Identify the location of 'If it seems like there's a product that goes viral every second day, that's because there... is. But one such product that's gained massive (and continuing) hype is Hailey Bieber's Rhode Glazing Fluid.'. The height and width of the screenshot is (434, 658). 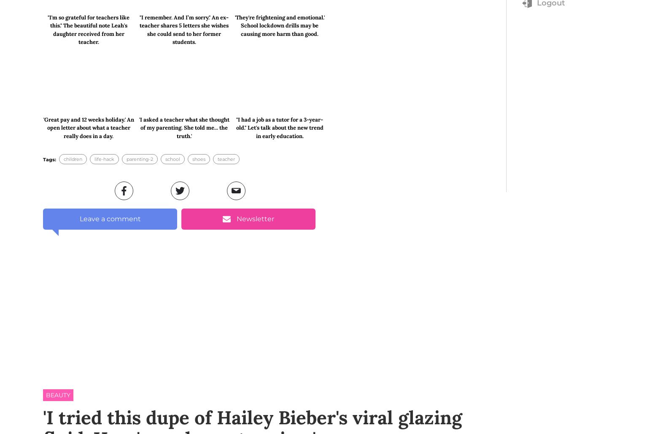
(174, 122).